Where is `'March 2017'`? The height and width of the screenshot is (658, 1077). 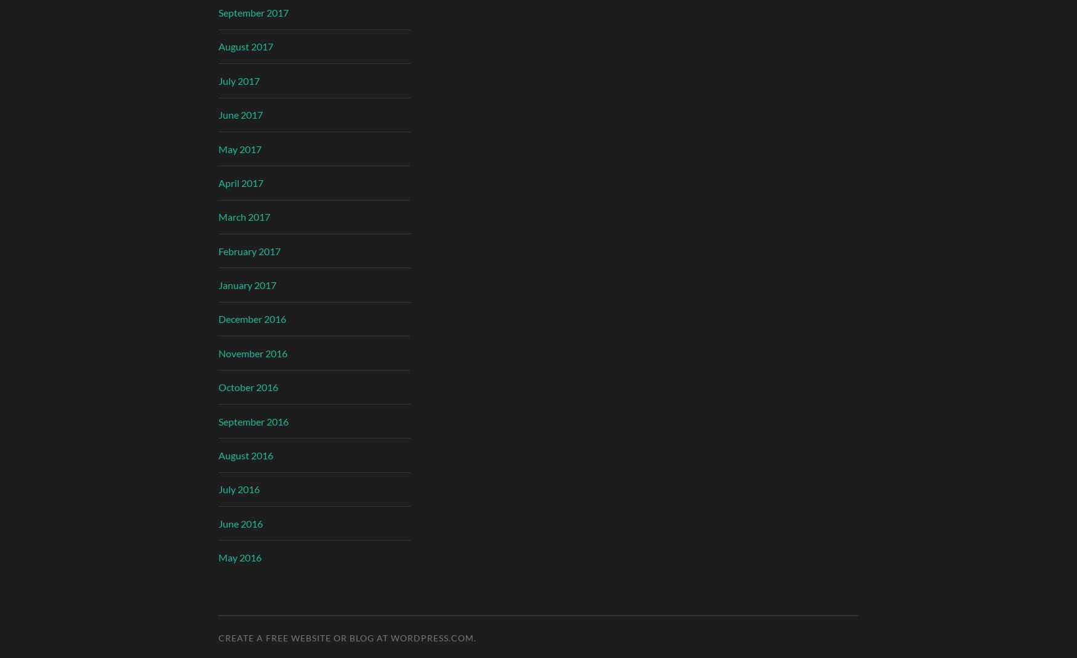 'March 2017' is located at coordinates (244, 216).